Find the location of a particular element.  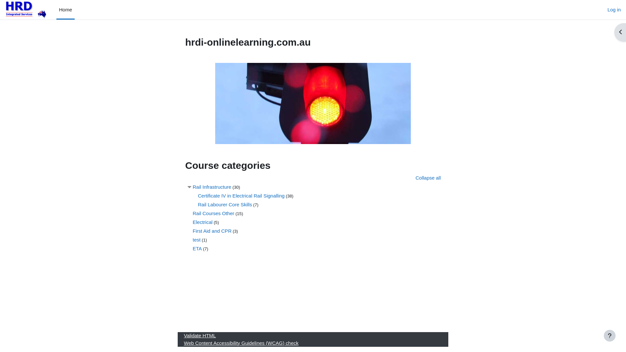

'First Aid and CPR' is located at coordinates (212, 230).